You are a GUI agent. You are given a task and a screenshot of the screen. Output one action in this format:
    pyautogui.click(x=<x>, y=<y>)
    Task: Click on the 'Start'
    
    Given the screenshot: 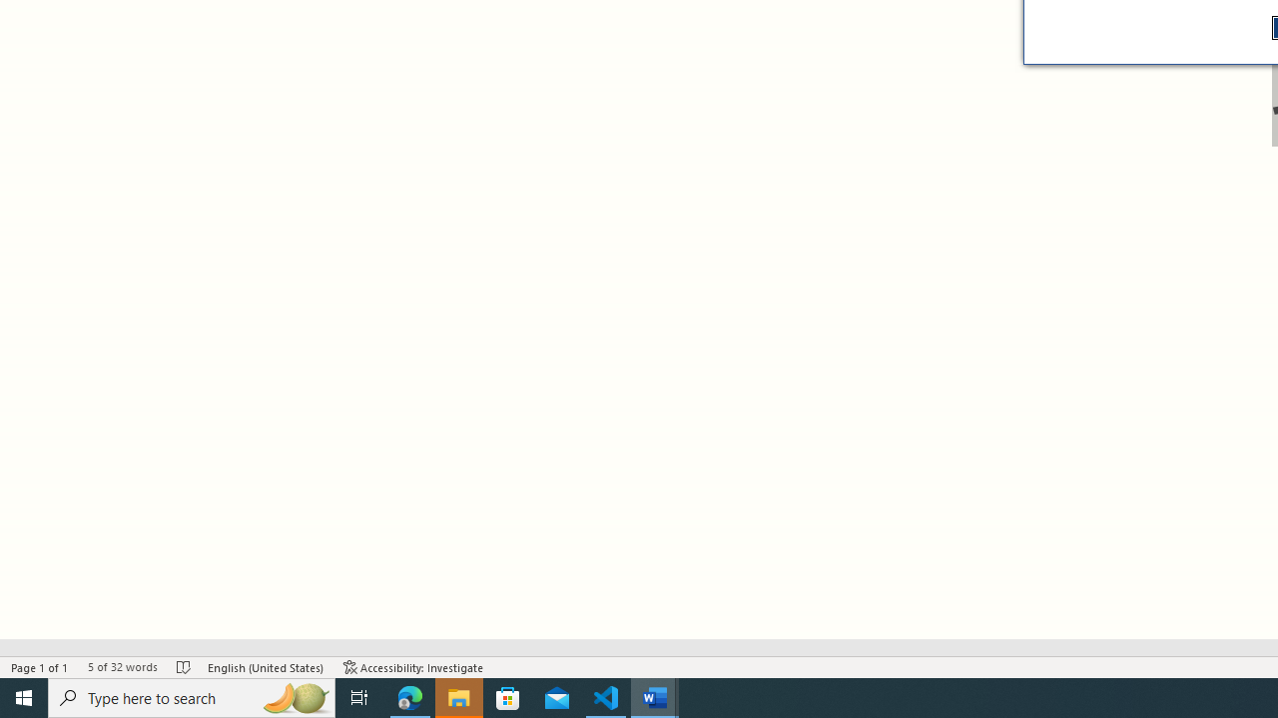 What is the action you would take?
    pyautogui.click(x=24, y=696)
    